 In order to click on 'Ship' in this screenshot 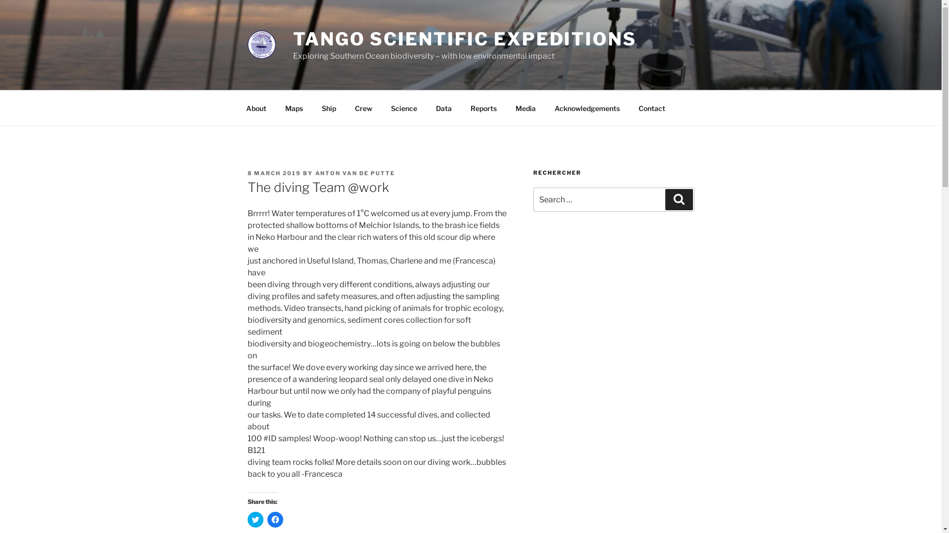, I will do `click(312, 108)`.